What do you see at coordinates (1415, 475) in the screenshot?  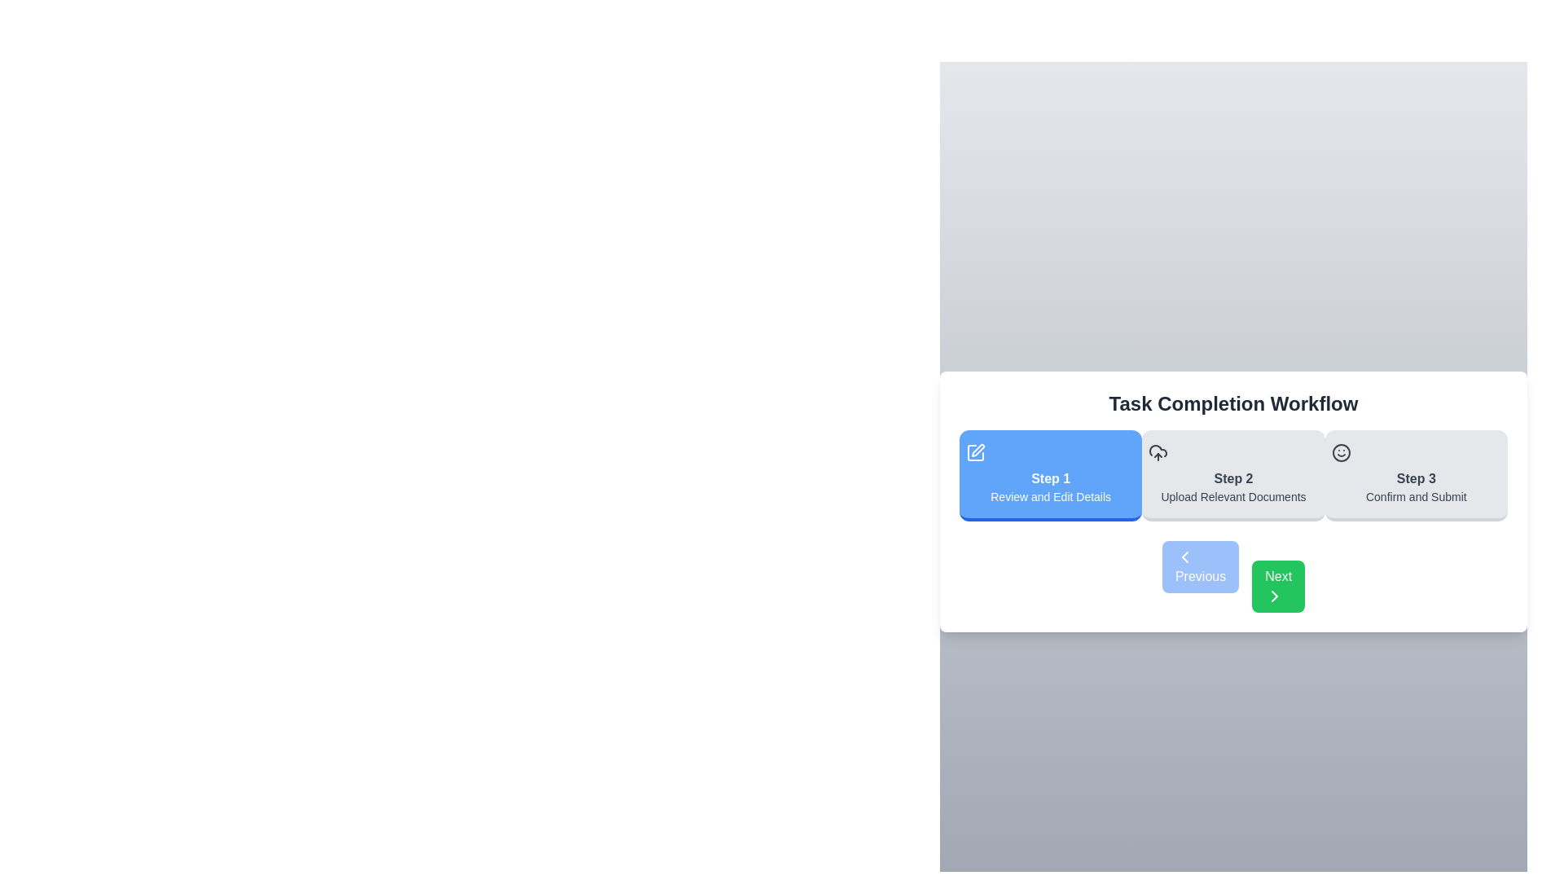 I see `the header of step 3 to navigate to that step` at bounding box center [1415, 475].